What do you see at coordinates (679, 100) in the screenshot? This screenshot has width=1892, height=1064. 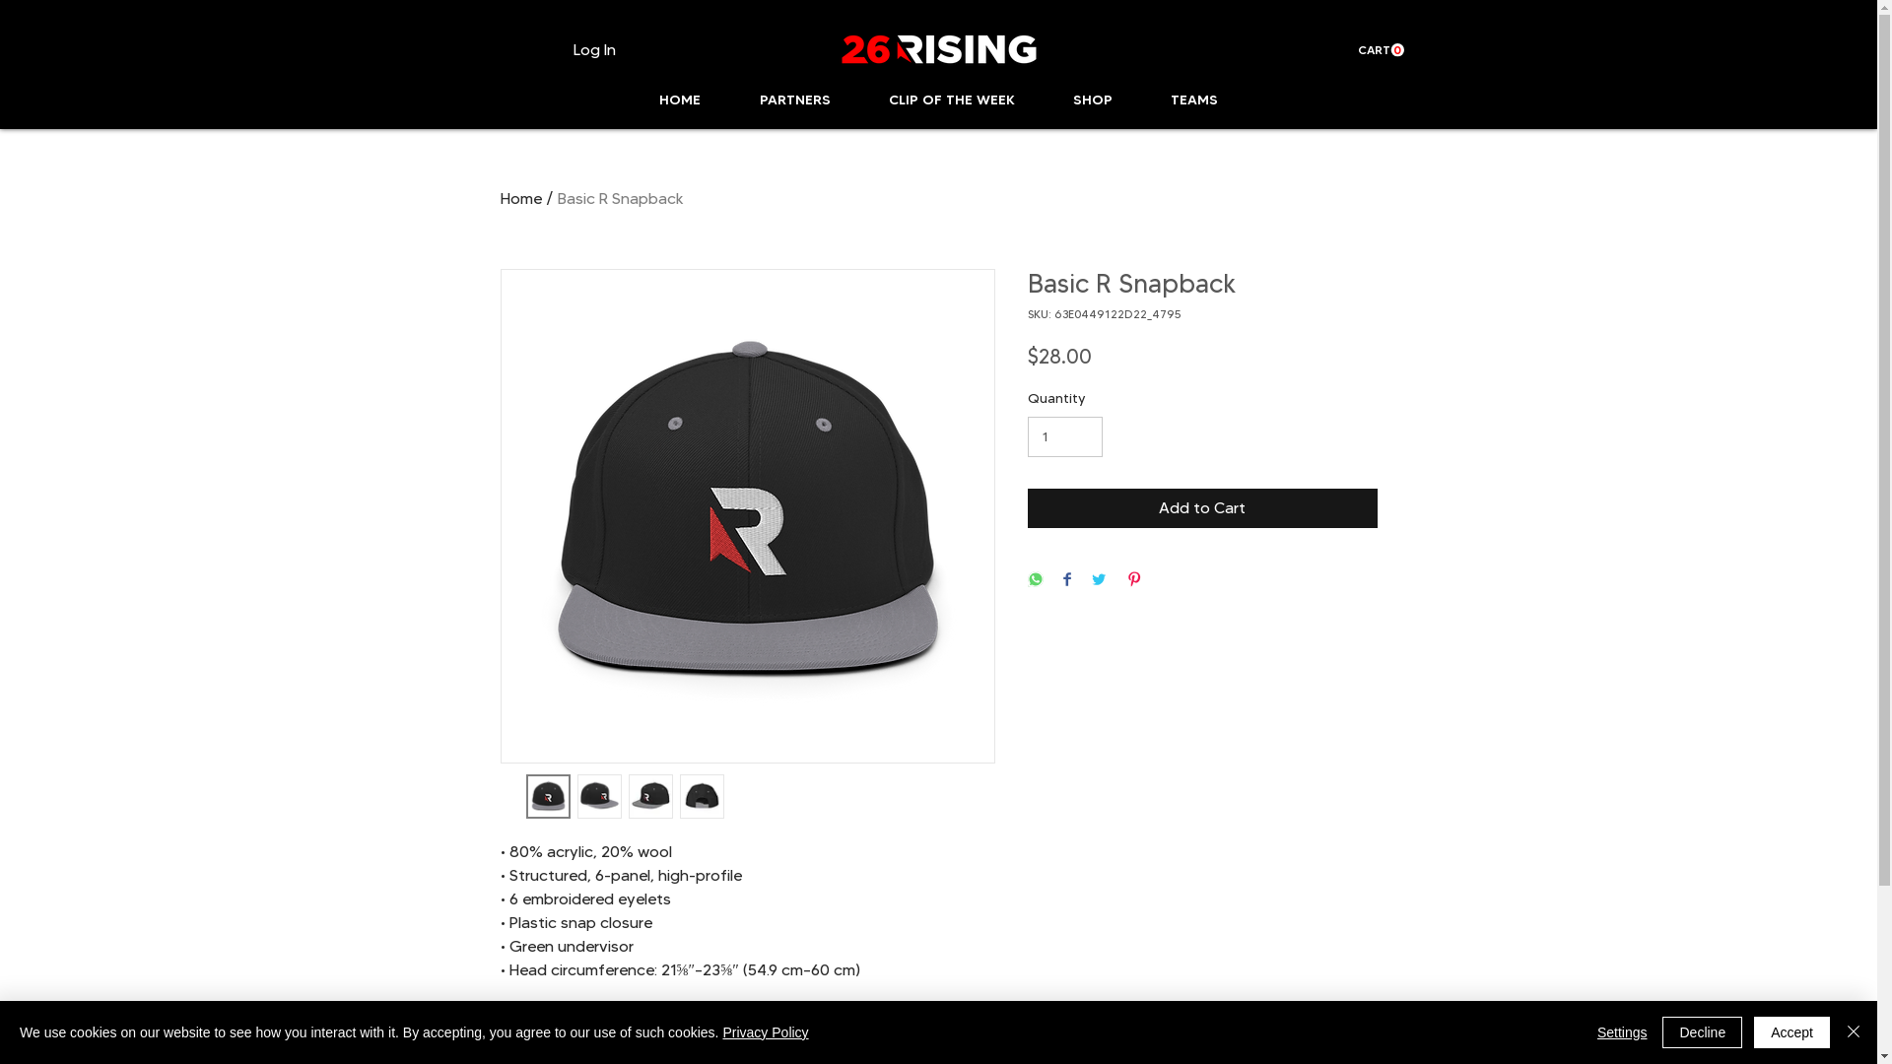 I see `'HOME'` at bounding box center [679, 100].